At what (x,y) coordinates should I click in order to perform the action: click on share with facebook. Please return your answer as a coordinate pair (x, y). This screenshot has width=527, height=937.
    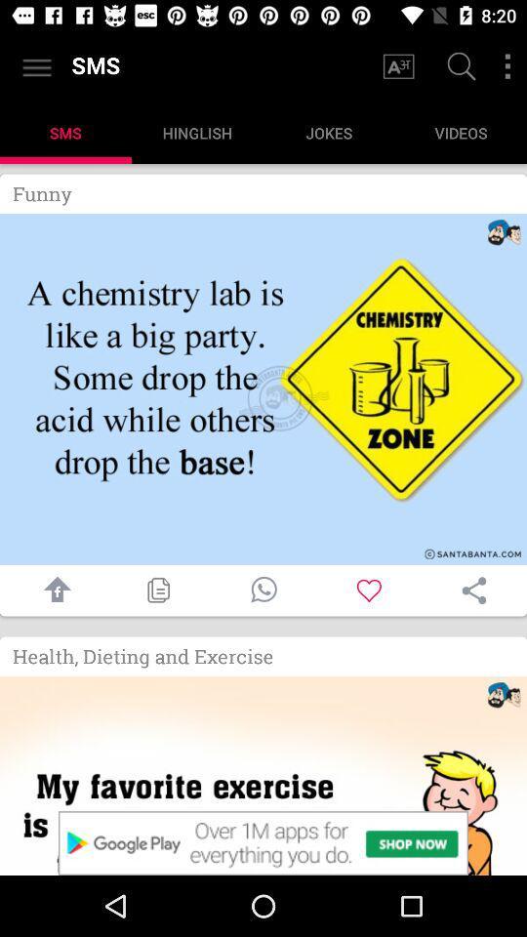
    Looking at the image, I should click on (53, 590).